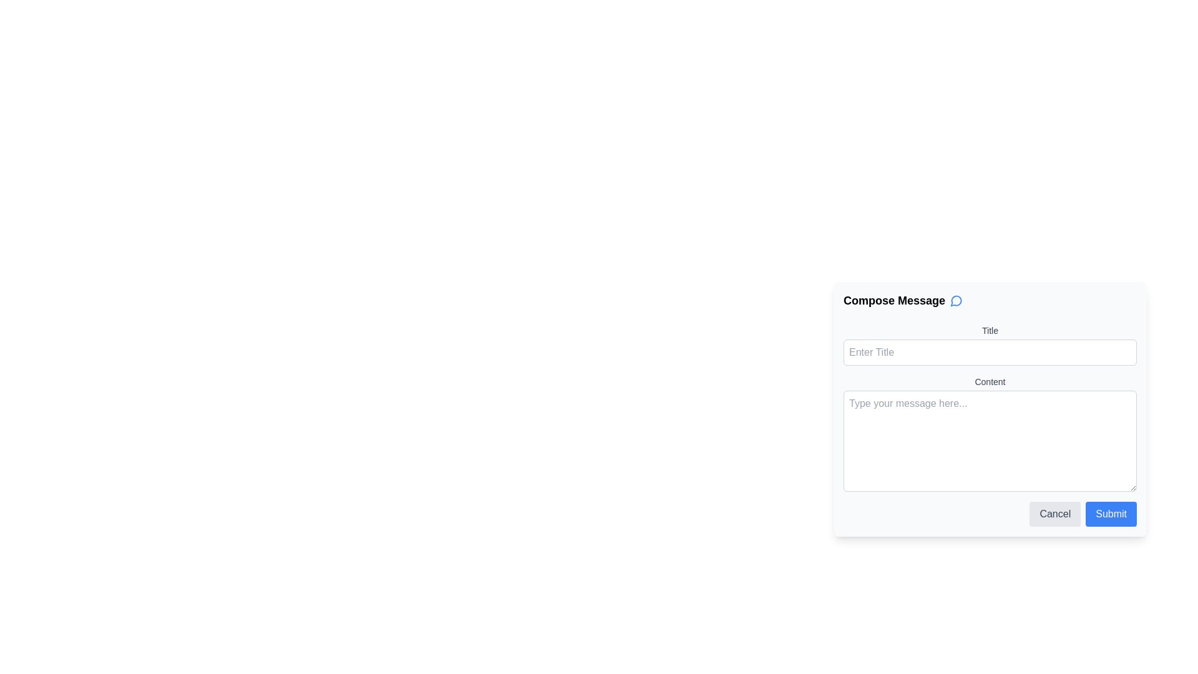 The height and width of the screenshot is (674, 1198). I want to click on the text label that provides context for the message input field in the 'Compose Message' interface, located above the message input area, so click(990, 381).